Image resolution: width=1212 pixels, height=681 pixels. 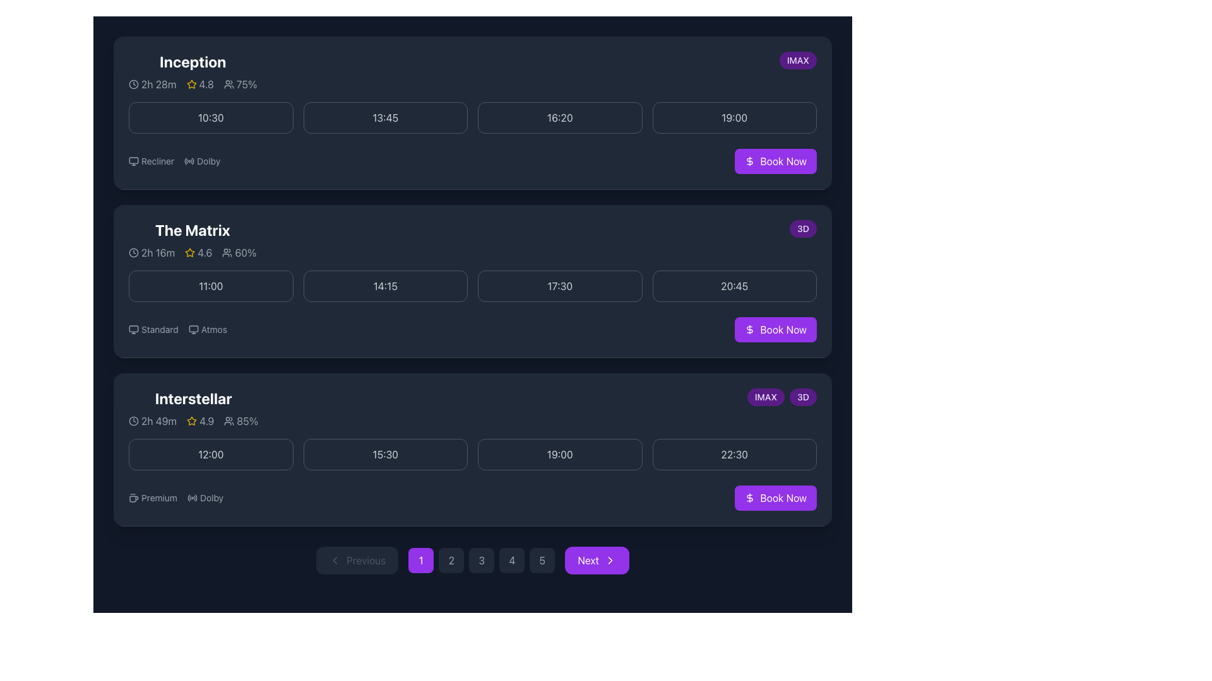 What do you see at coordinates (241, 84) in the screenshot?
I see `the percentage indicator text with icon located under the movie title 'Inception' in the topmost movie section of the interface` at bounding box center [241, 84].